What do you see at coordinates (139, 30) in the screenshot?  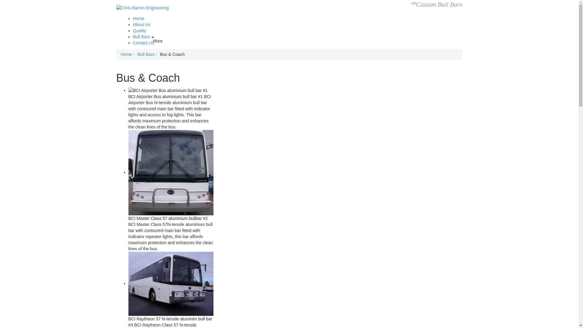 I see `'Quality'` at bounding box center [139, 30].